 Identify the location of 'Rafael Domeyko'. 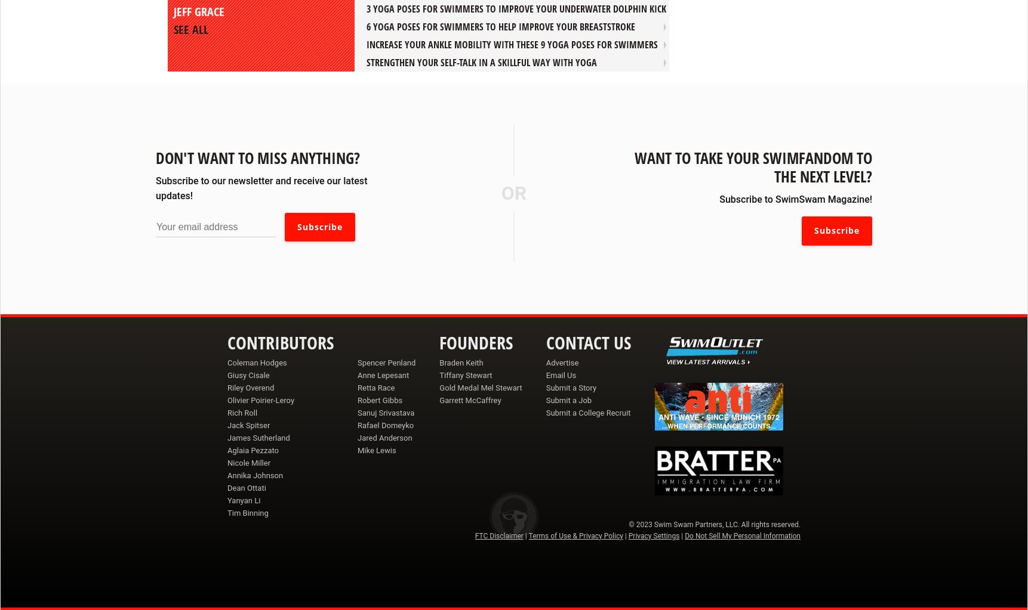
(385, 425).